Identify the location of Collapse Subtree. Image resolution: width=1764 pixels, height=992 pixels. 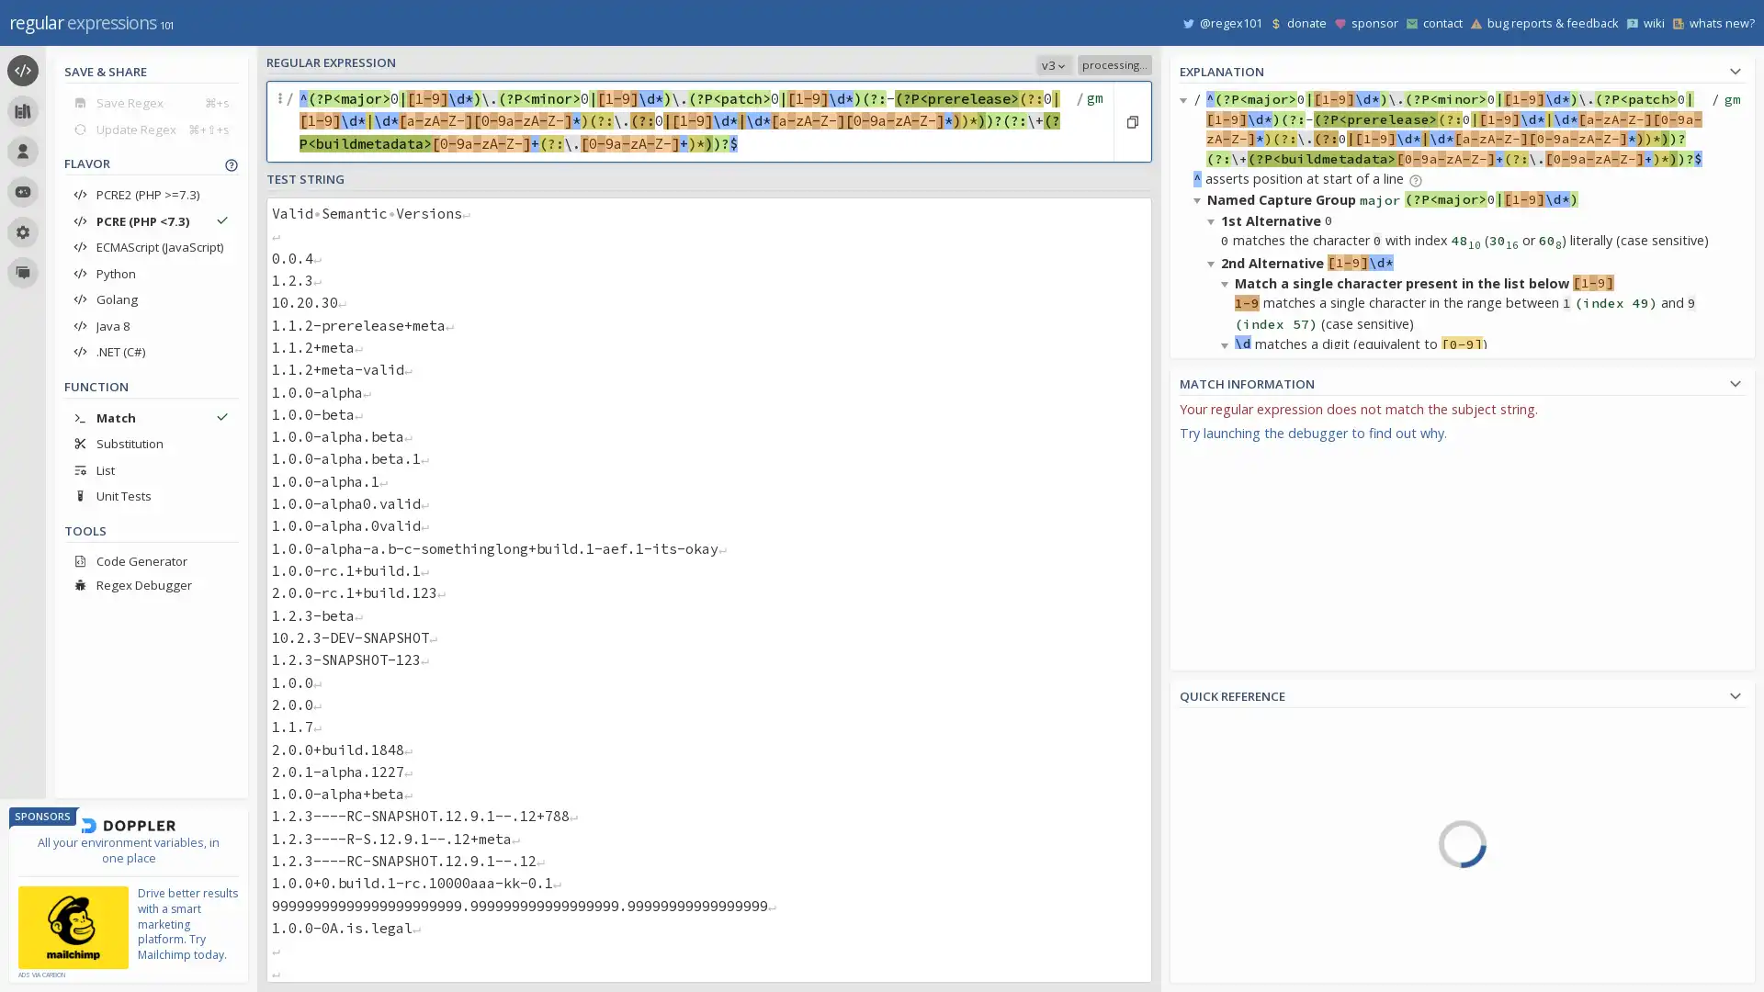
(1214, 449).